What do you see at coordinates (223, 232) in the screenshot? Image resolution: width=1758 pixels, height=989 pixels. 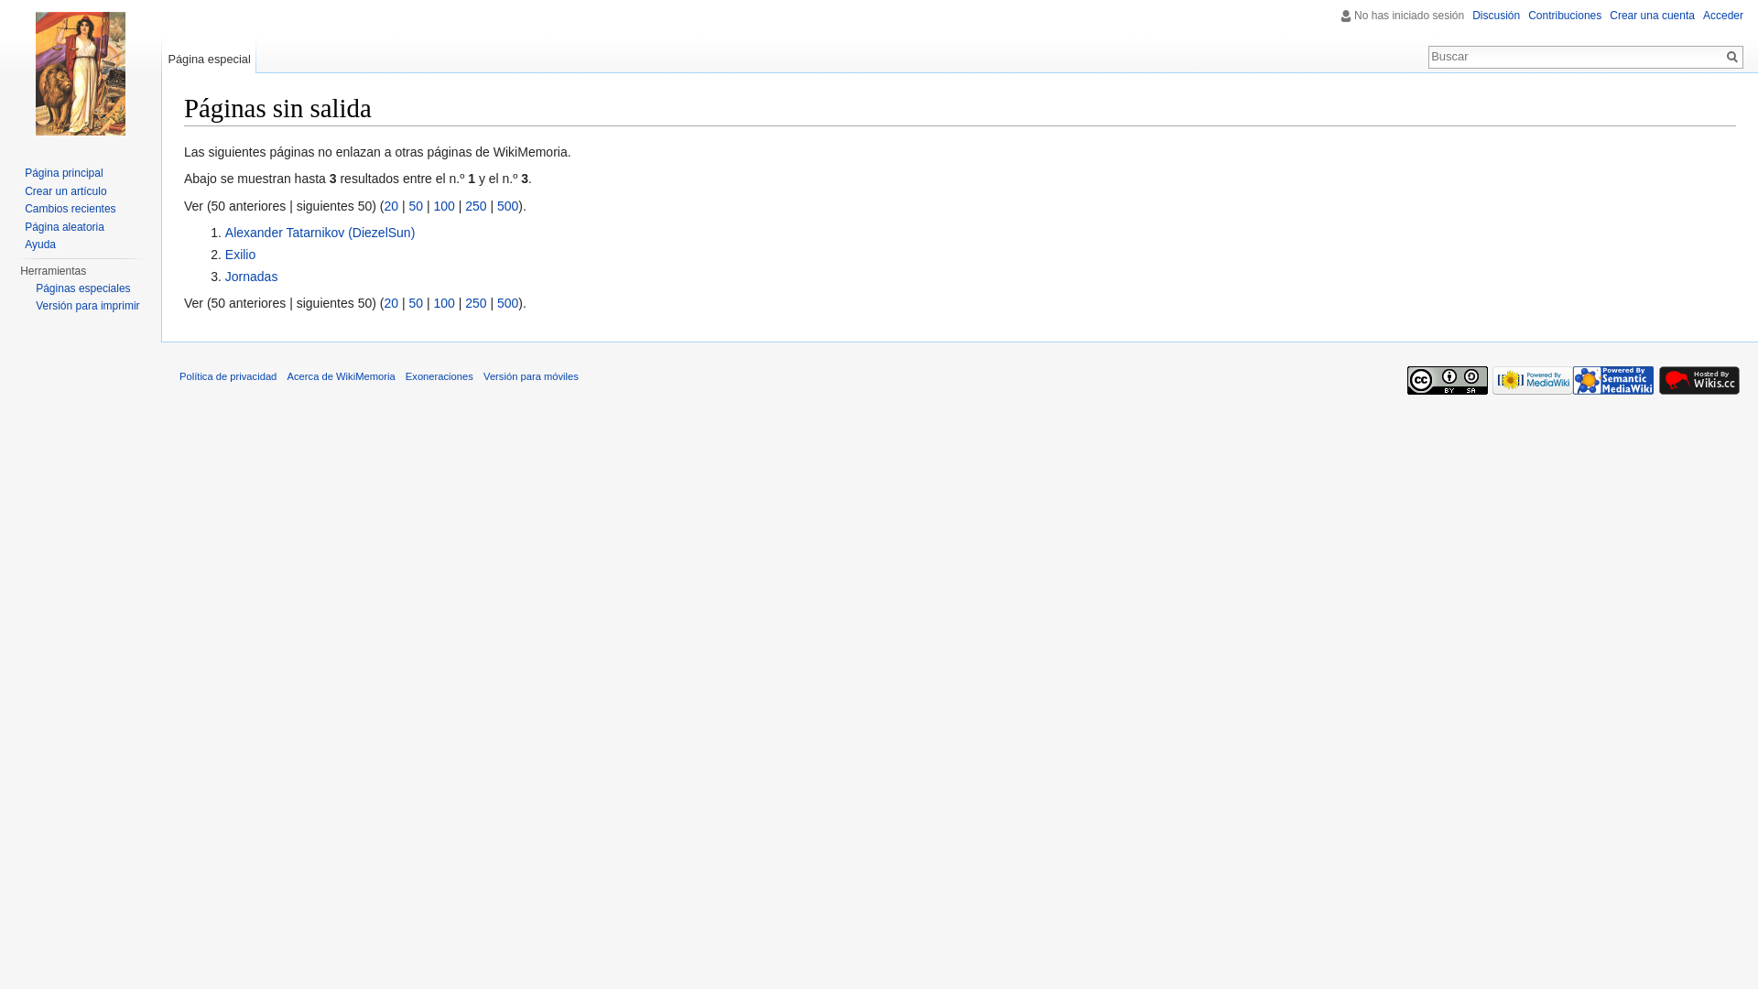 I see `'Alexander Tatarnikov (DiezelSun)'` at bounding box center [223, 232].